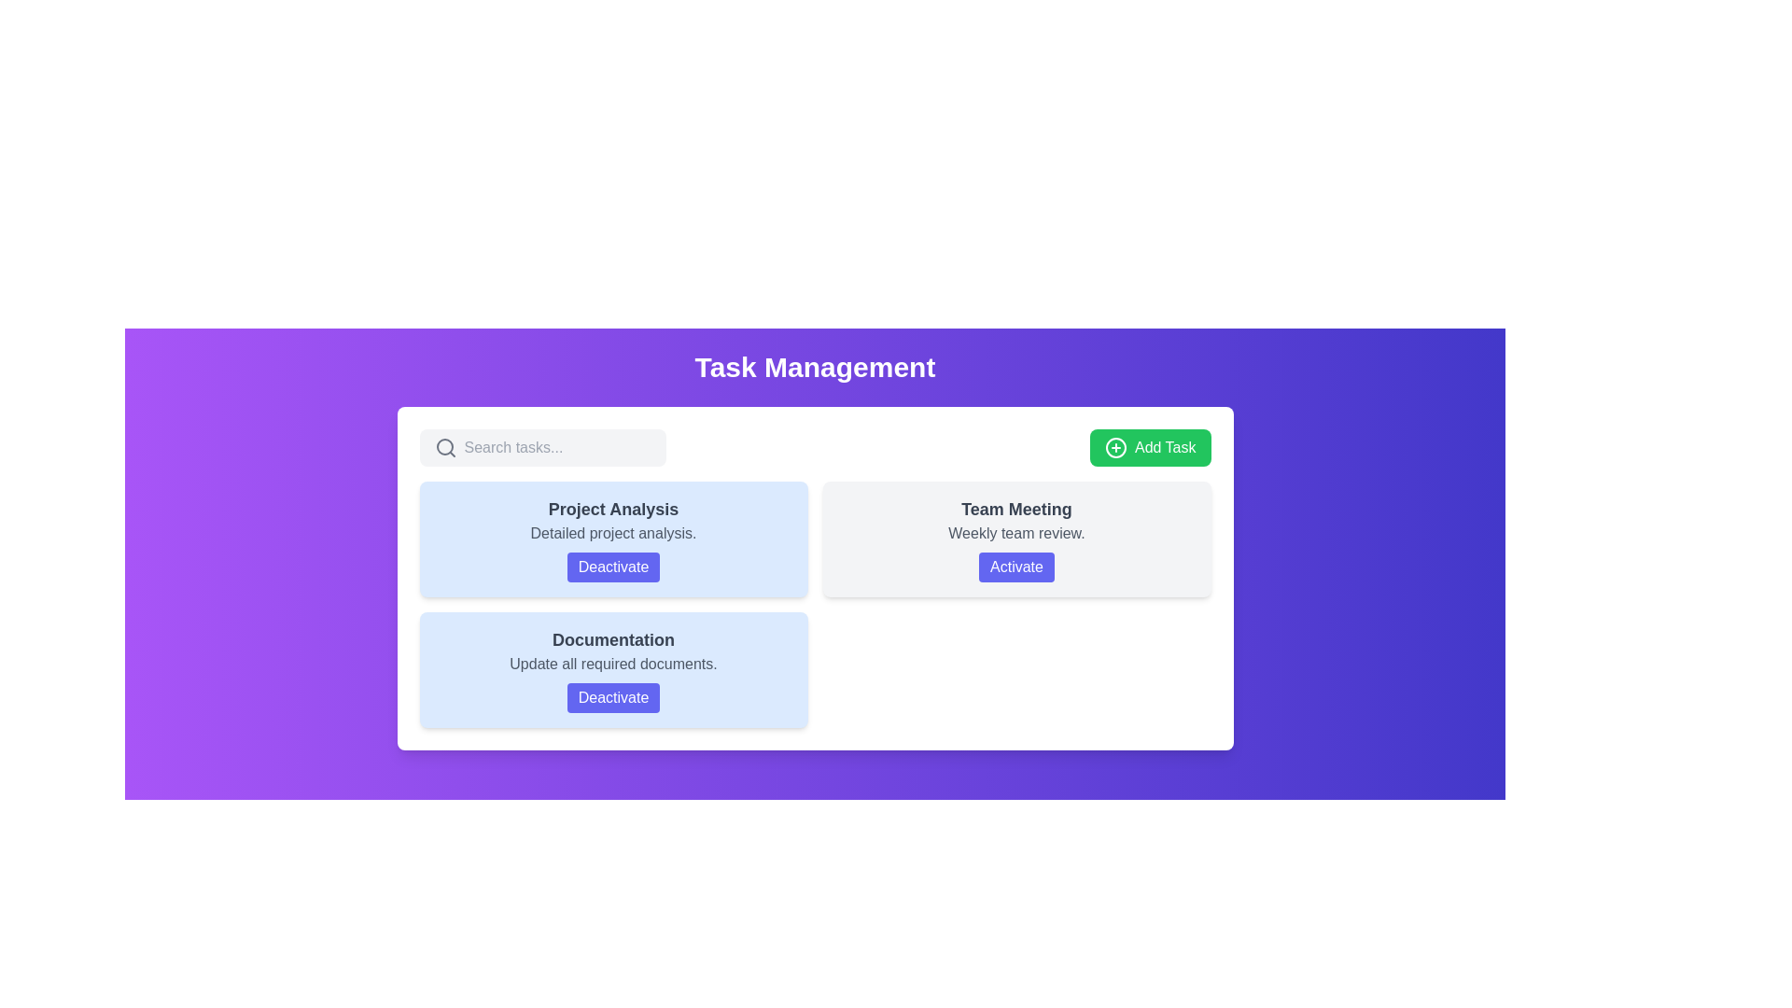  I want to click on the 'Deactivate' button located in the 'Documentation' section, so click(613, 698).